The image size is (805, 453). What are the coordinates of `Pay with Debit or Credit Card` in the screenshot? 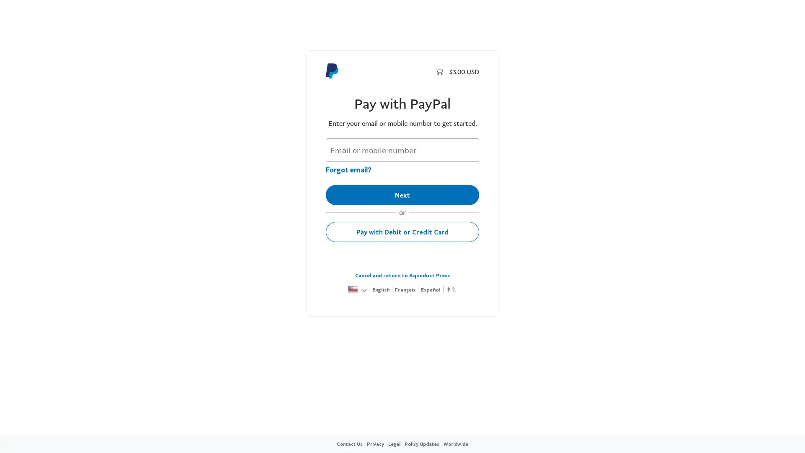 It's located at (402, 232).